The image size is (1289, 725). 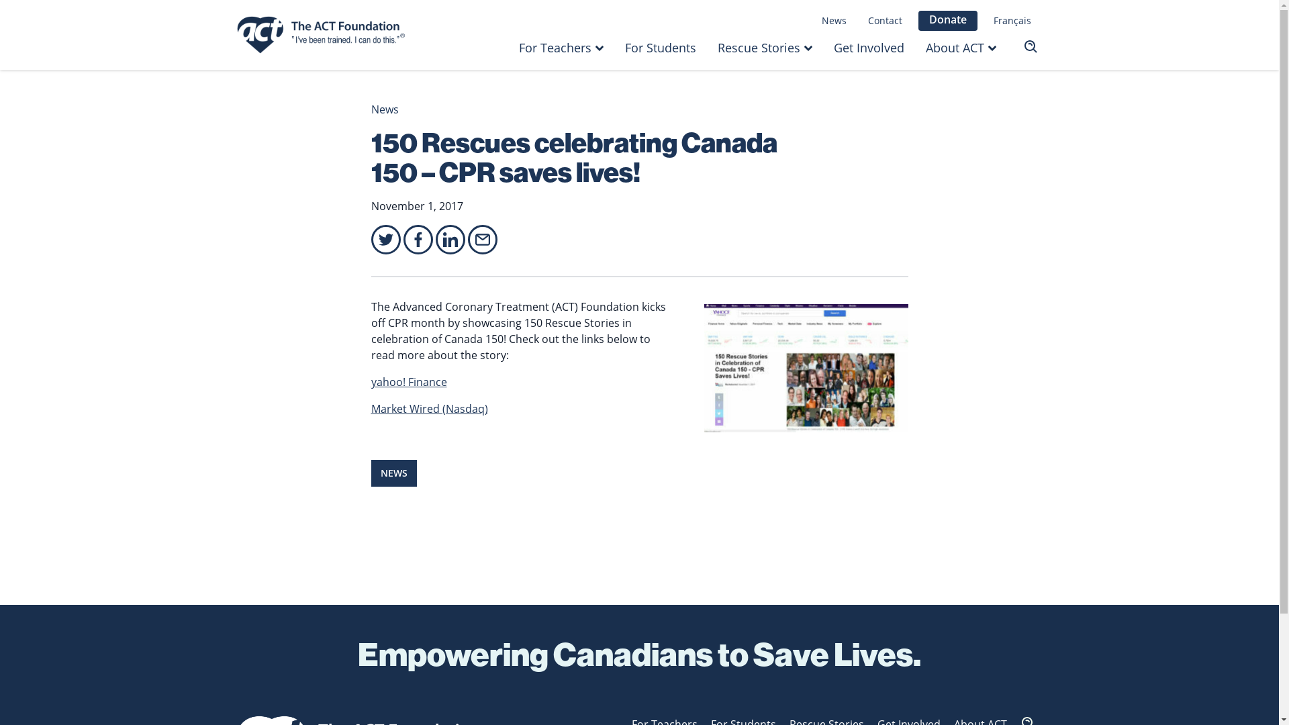 What do you see at coordinates (392, 473) in the screenshot?
I see `'NEWS'` at bounding box center [392, 473].